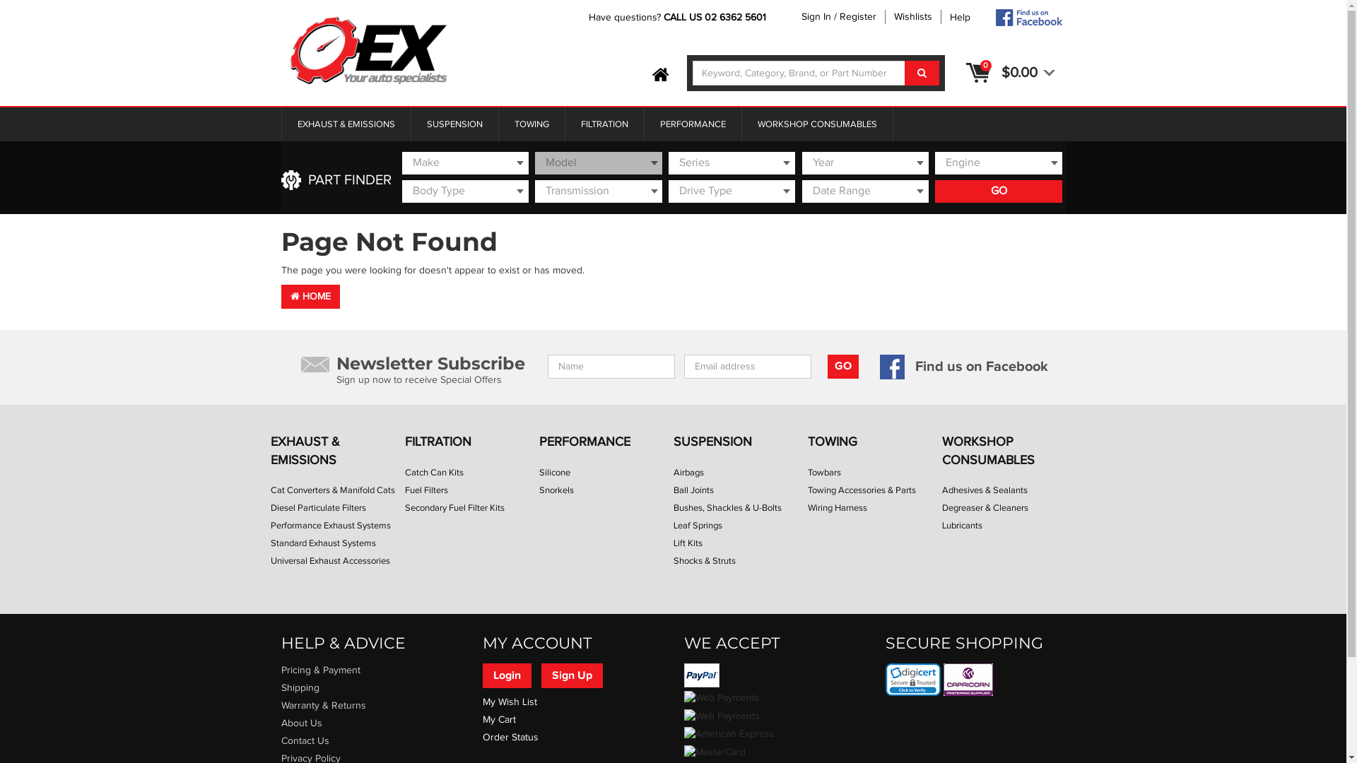  I want to click on 'WORKSHOP CONSUMABLES', so click(816, 124).